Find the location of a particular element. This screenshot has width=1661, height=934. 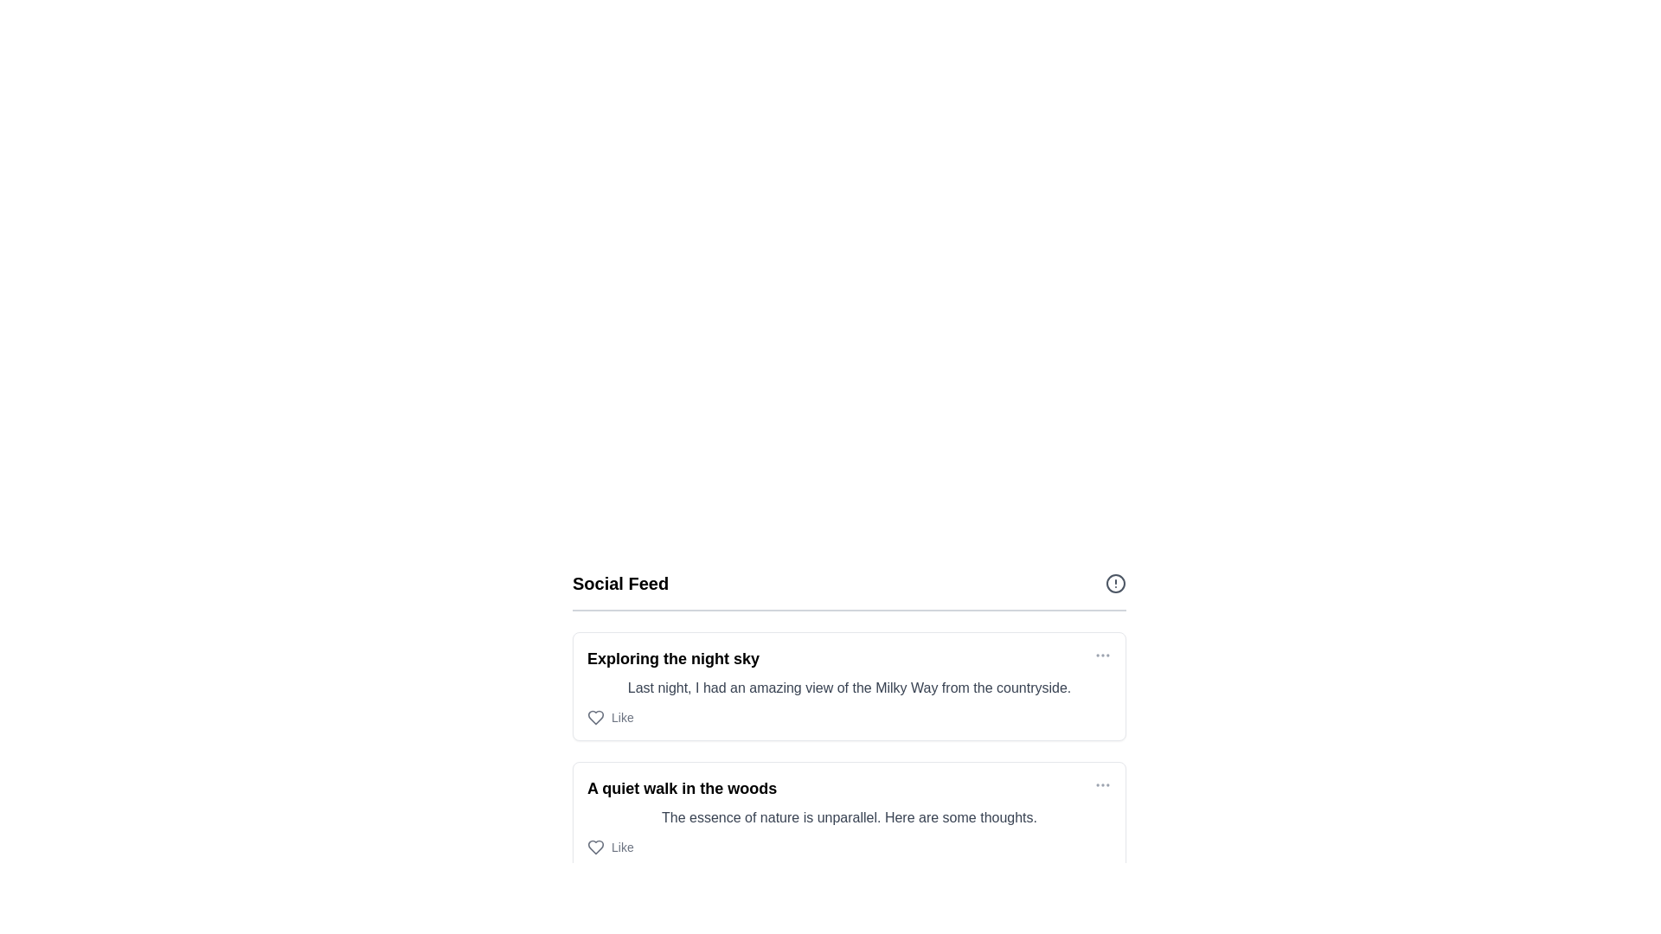

the circular SVG shape alert icon located at the top-right corner of the 'Social Feed' section, which has a gray stroke and a hollow center is located at coordinates (1116, 584).